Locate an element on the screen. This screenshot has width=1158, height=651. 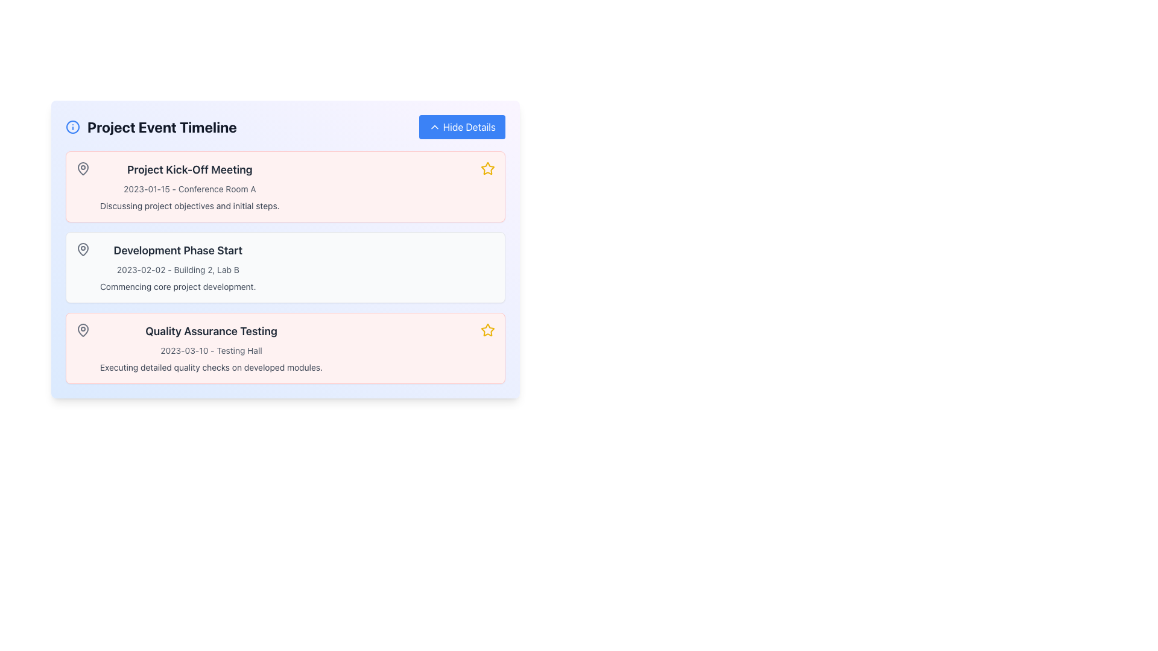
the second card element in the 'Project Event Timeline' section that provides detailed information about a specific project phase, positioned between 'Project Kick-Off Meeting' and 'Quality Assurance Testing' is located at coordinates (285, 266).